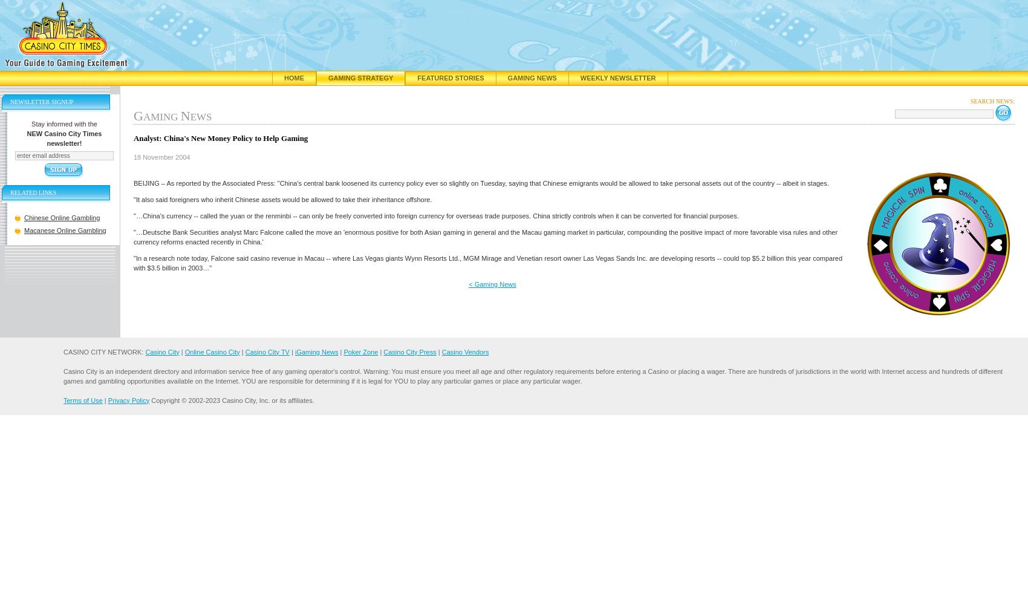 Image resolution: width=1028 pixels, height=605 pixels. I want to click on 'Casino City is an independent directory and information service free of any gaming operator's control.
			Warning: You must ensure you meet all age and other regulatory requirements before entering a
			Casino or placing a wager.  There are hundreds of jurisdictions in the world with Internet access and
			hundreds of different games and gambling opportunities available on the Internet.
			YOU are responsible for determining if it is legal for YOU to play any particular games or place any
			particular wager.', so click(533, 375).